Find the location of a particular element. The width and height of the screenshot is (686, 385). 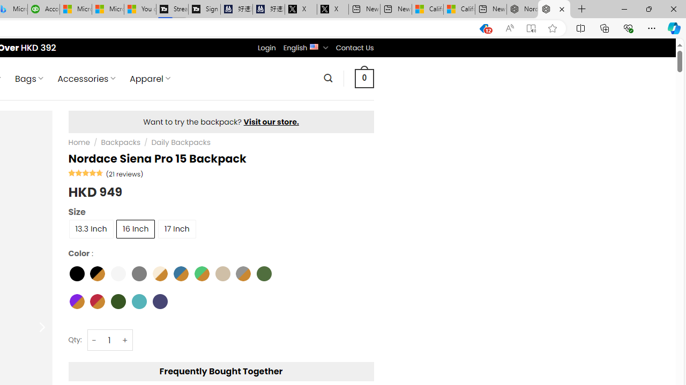

'13.3 Inch' is located at coordinates (91, 228).